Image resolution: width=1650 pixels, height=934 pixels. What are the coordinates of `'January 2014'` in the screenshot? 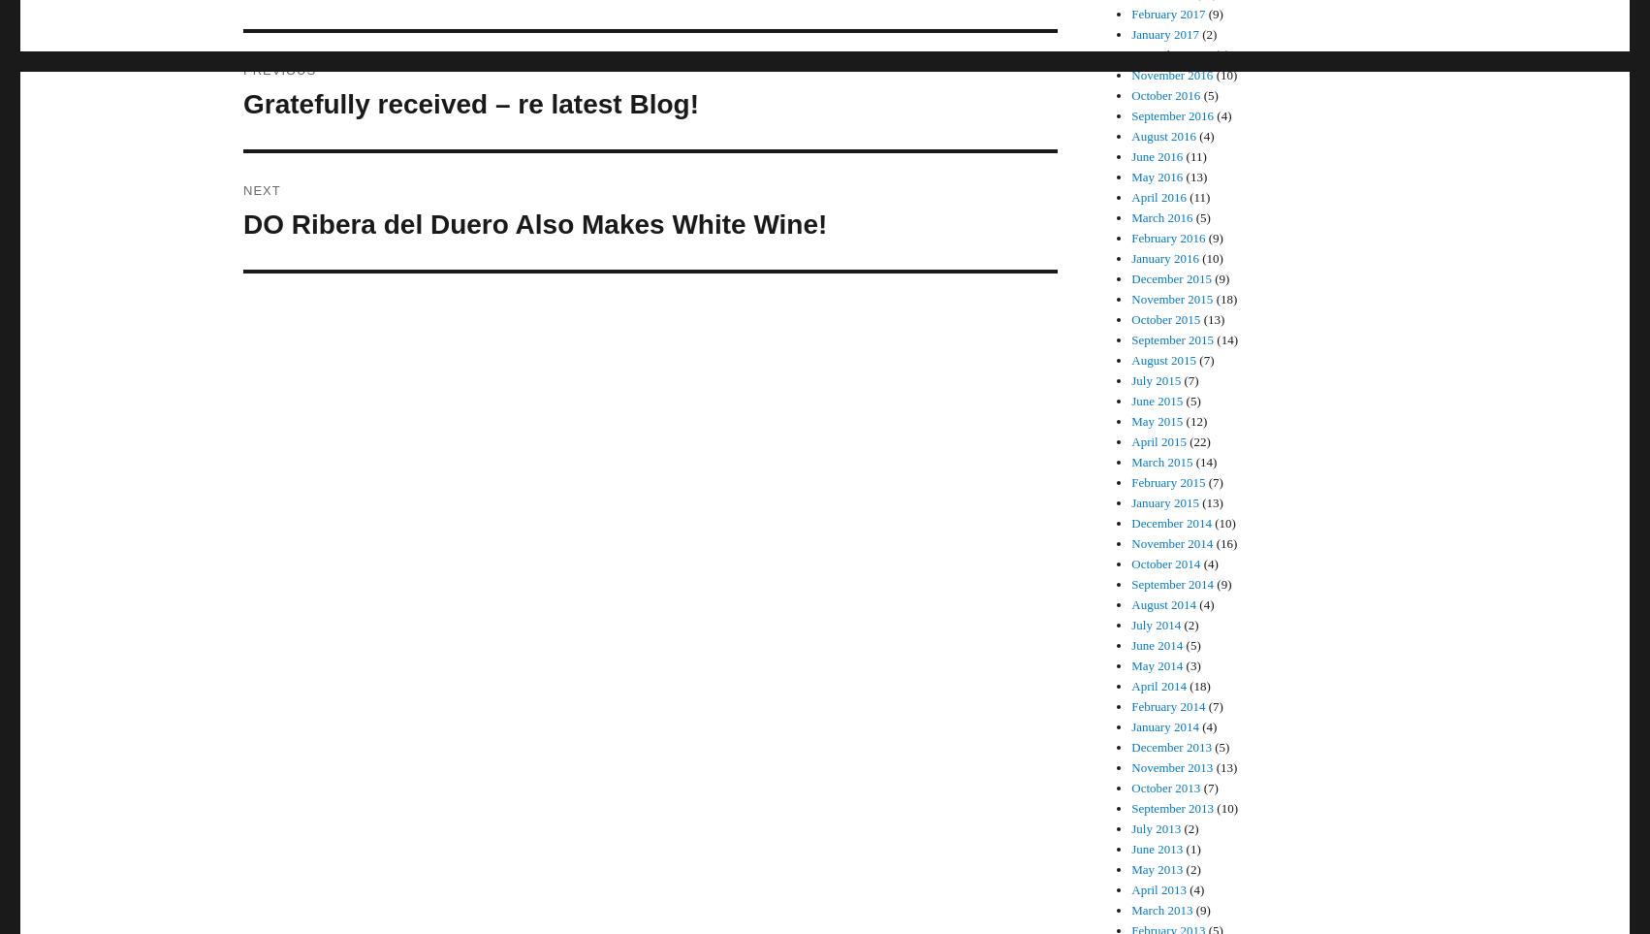 It's located at (1131, 726).